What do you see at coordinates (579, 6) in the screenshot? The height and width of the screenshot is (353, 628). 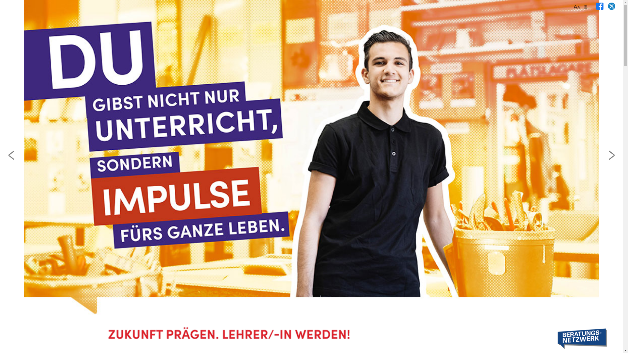 I see `'Aa'` at bounding box center [579, 6].